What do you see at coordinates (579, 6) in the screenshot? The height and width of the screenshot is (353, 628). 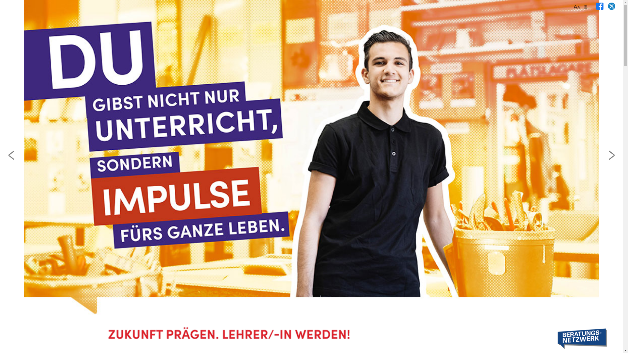 I see `'Aa'` at bounding box center [579, 6].